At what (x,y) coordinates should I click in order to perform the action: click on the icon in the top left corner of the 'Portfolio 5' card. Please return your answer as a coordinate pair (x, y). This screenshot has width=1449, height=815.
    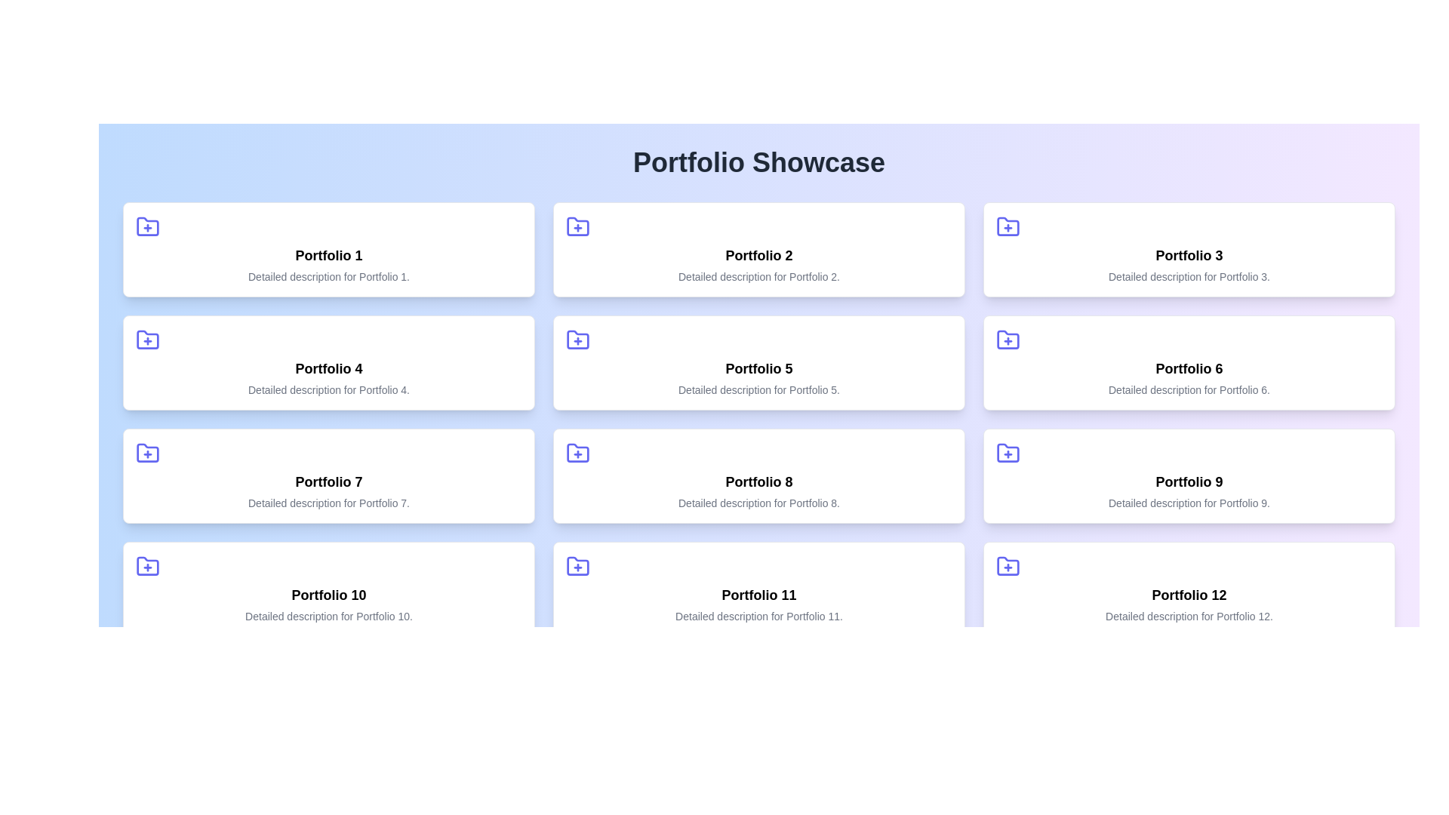
    Looking at the image, I should click on (577, 340).